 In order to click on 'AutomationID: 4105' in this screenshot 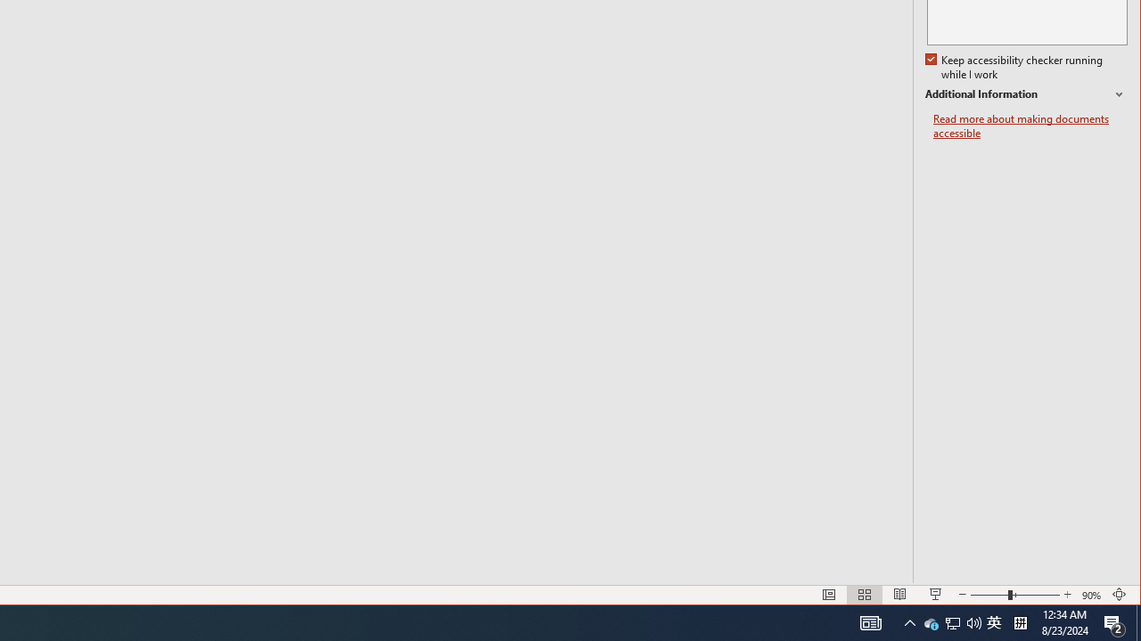, I will do `click(871, 621)`.